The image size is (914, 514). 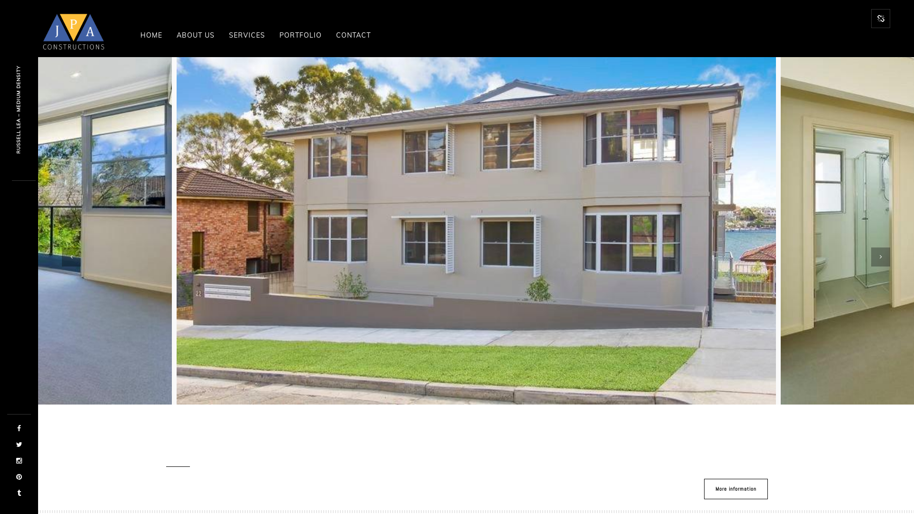 What do you see at coordinates (247, 34) in the screenshot?
I see `'SERVICES'` at bounding box center [247, 34].